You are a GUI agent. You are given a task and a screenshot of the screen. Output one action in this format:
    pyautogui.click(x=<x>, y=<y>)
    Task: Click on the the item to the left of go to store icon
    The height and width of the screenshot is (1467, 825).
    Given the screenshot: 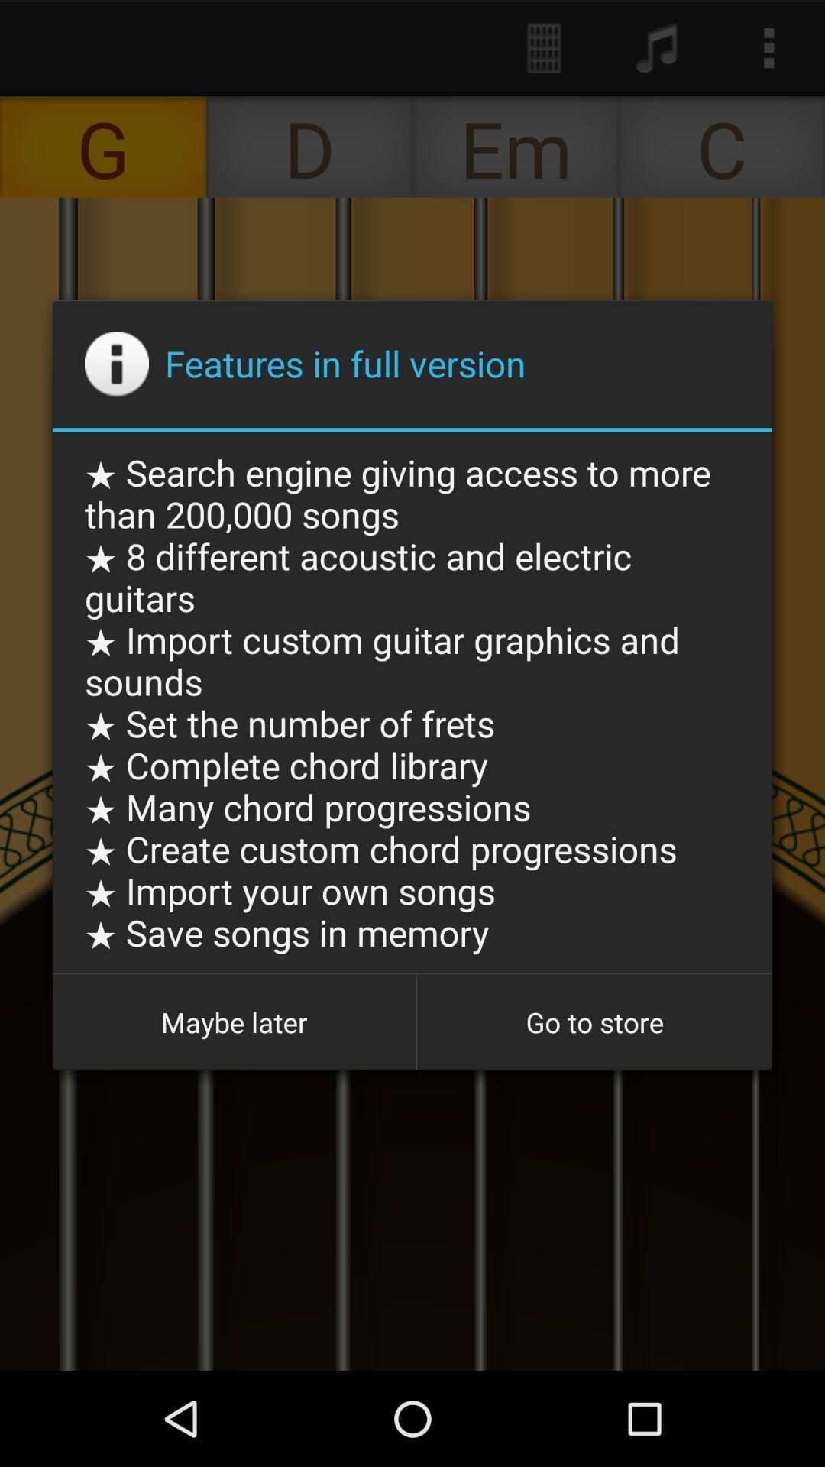 What is the action you would take?
    pyautogui.click(x=234, y=1022)
    